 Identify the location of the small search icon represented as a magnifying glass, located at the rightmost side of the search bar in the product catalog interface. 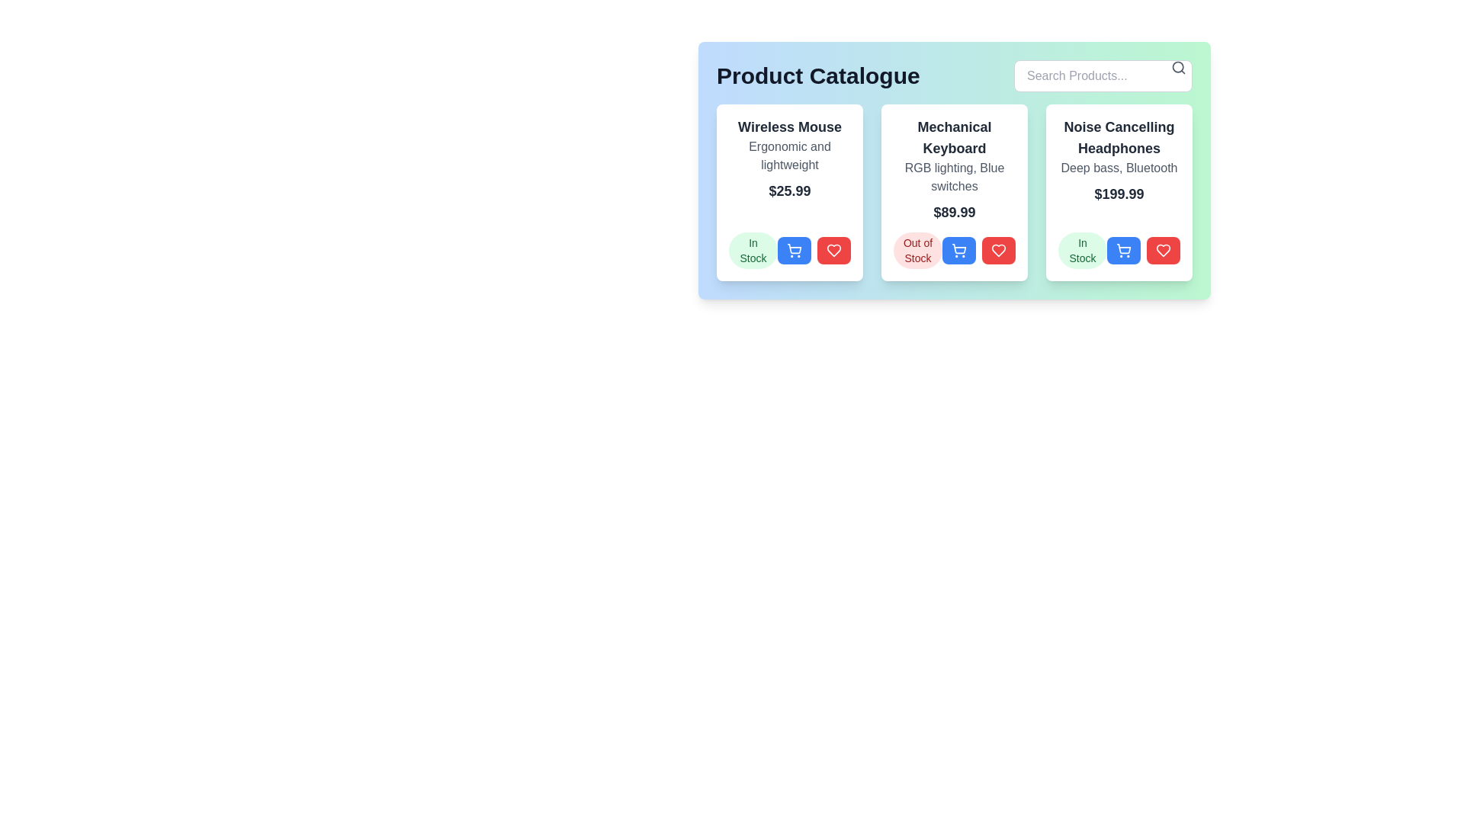
(1177, 66).